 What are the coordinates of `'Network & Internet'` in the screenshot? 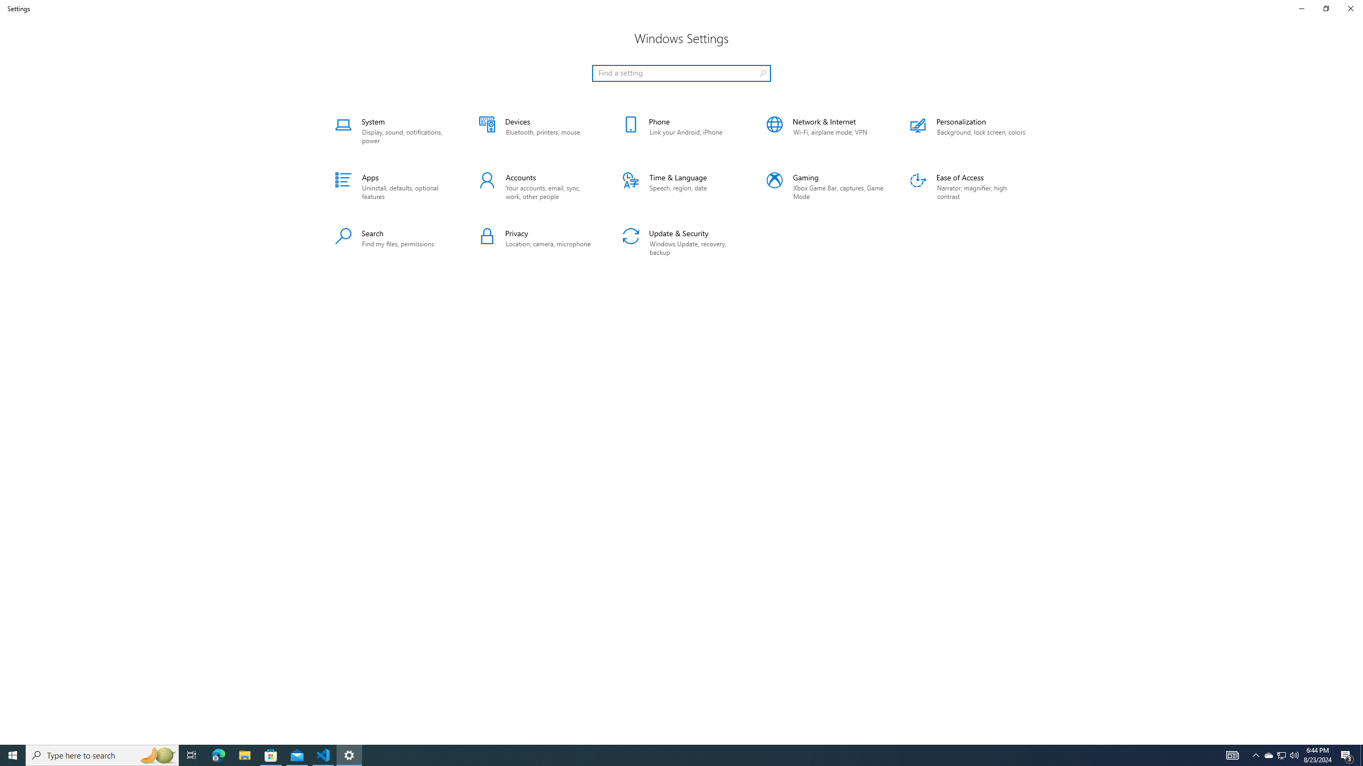 It's located at (825, 130).